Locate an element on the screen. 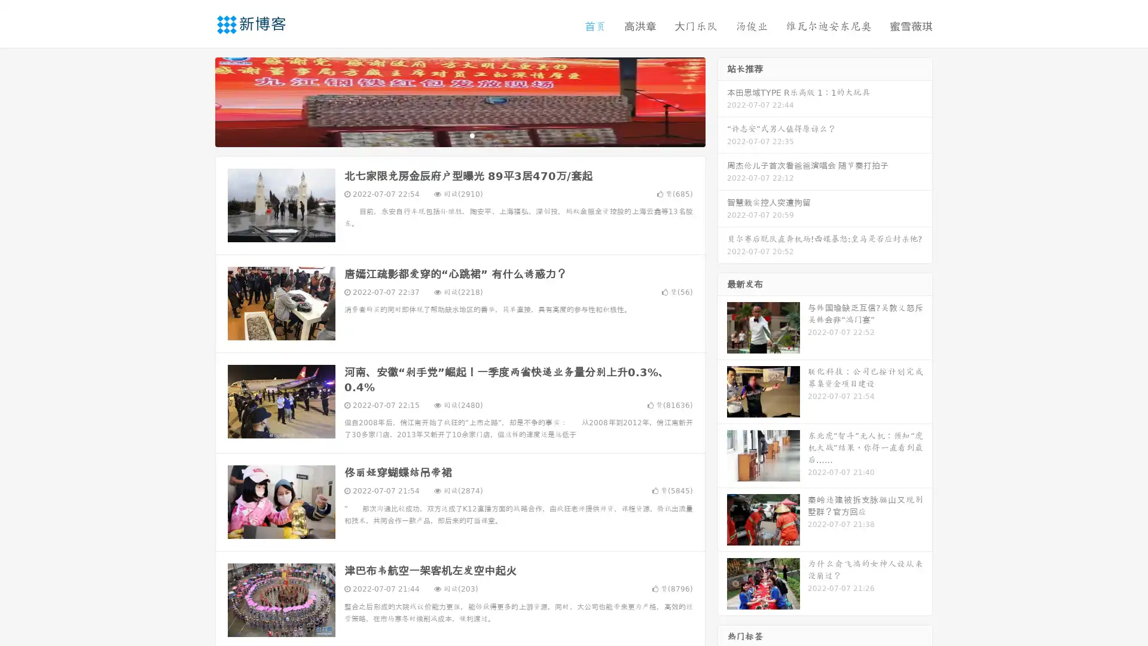 The height and width of the screenshot is (646, 1148). Go to slide 3 is located at coordinates (472, 135).